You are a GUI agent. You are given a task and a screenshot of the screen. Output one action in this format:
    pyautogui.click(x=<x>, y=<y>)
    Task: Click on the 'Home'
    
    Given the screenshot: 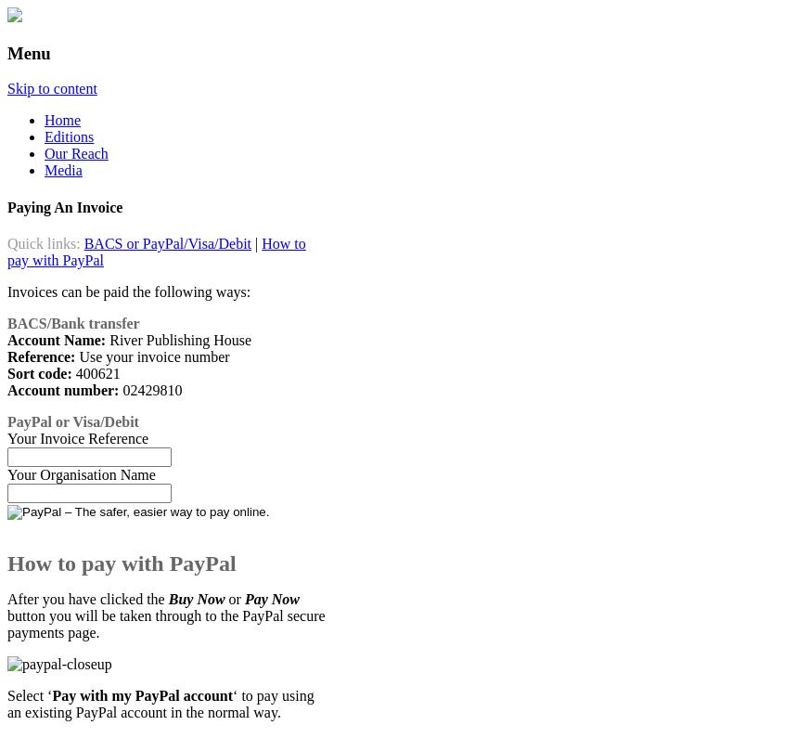 What is the action you would take?
    pyautogui.click(x=43, y=120)
    